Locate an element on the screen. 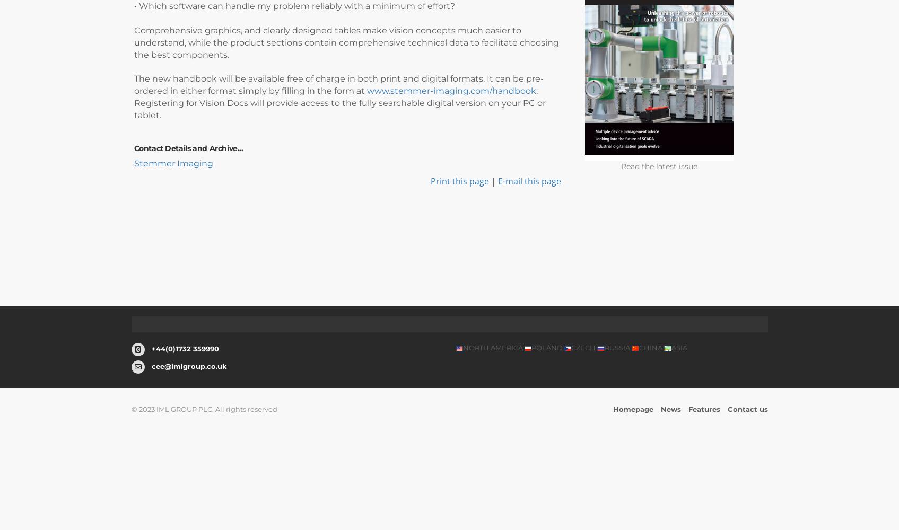  'www.stemmer-imaging.com/handbook' is located at coordinates (450, 91).